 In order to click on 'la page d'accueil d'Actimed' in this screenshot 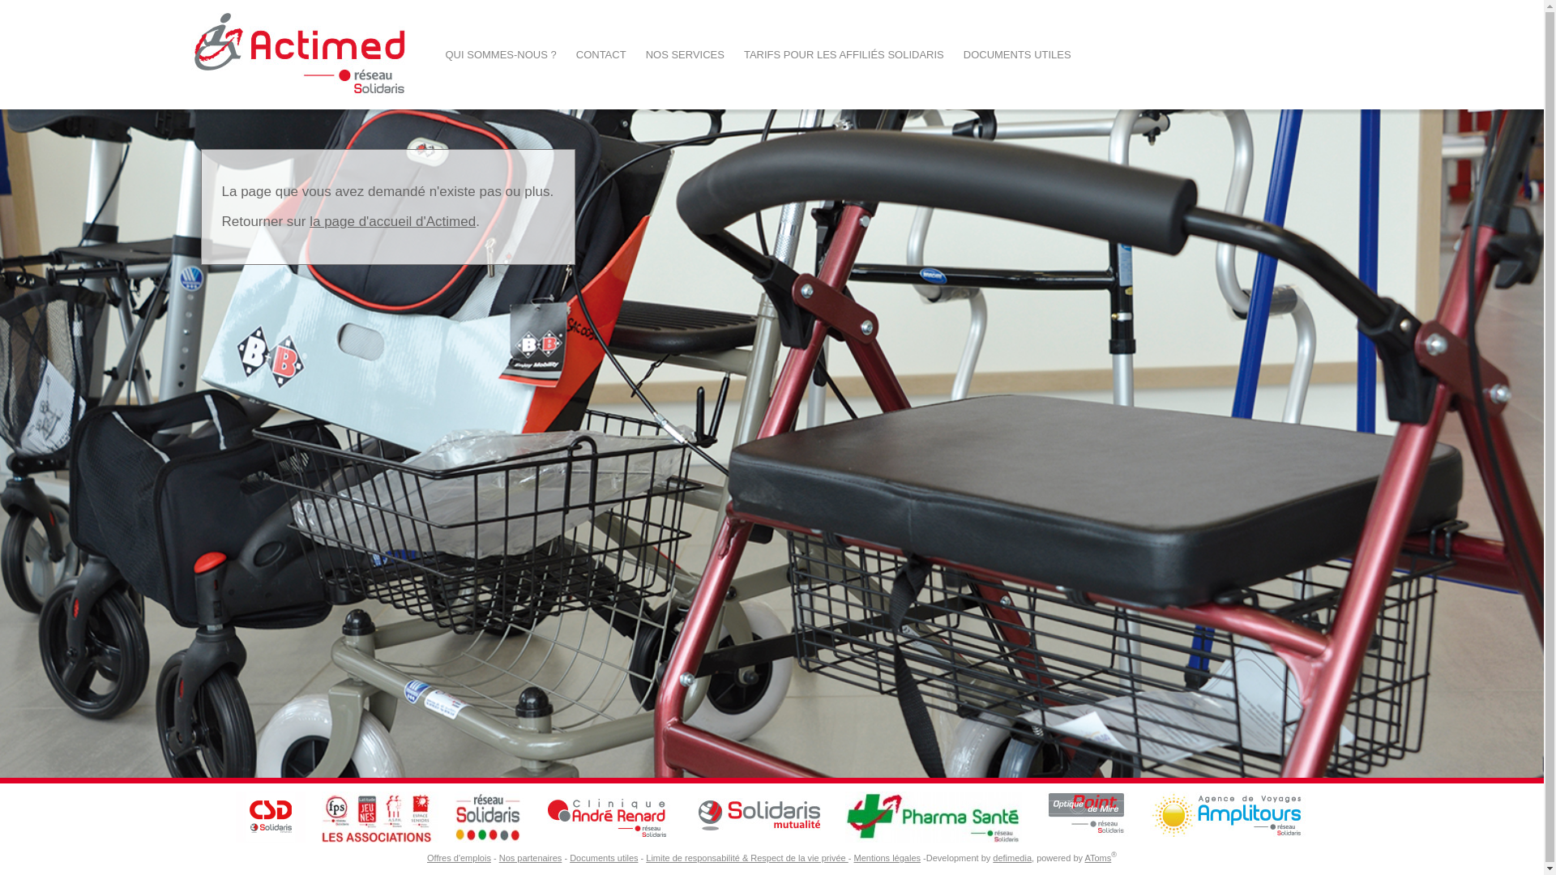, I will do `click(392, 221)`.